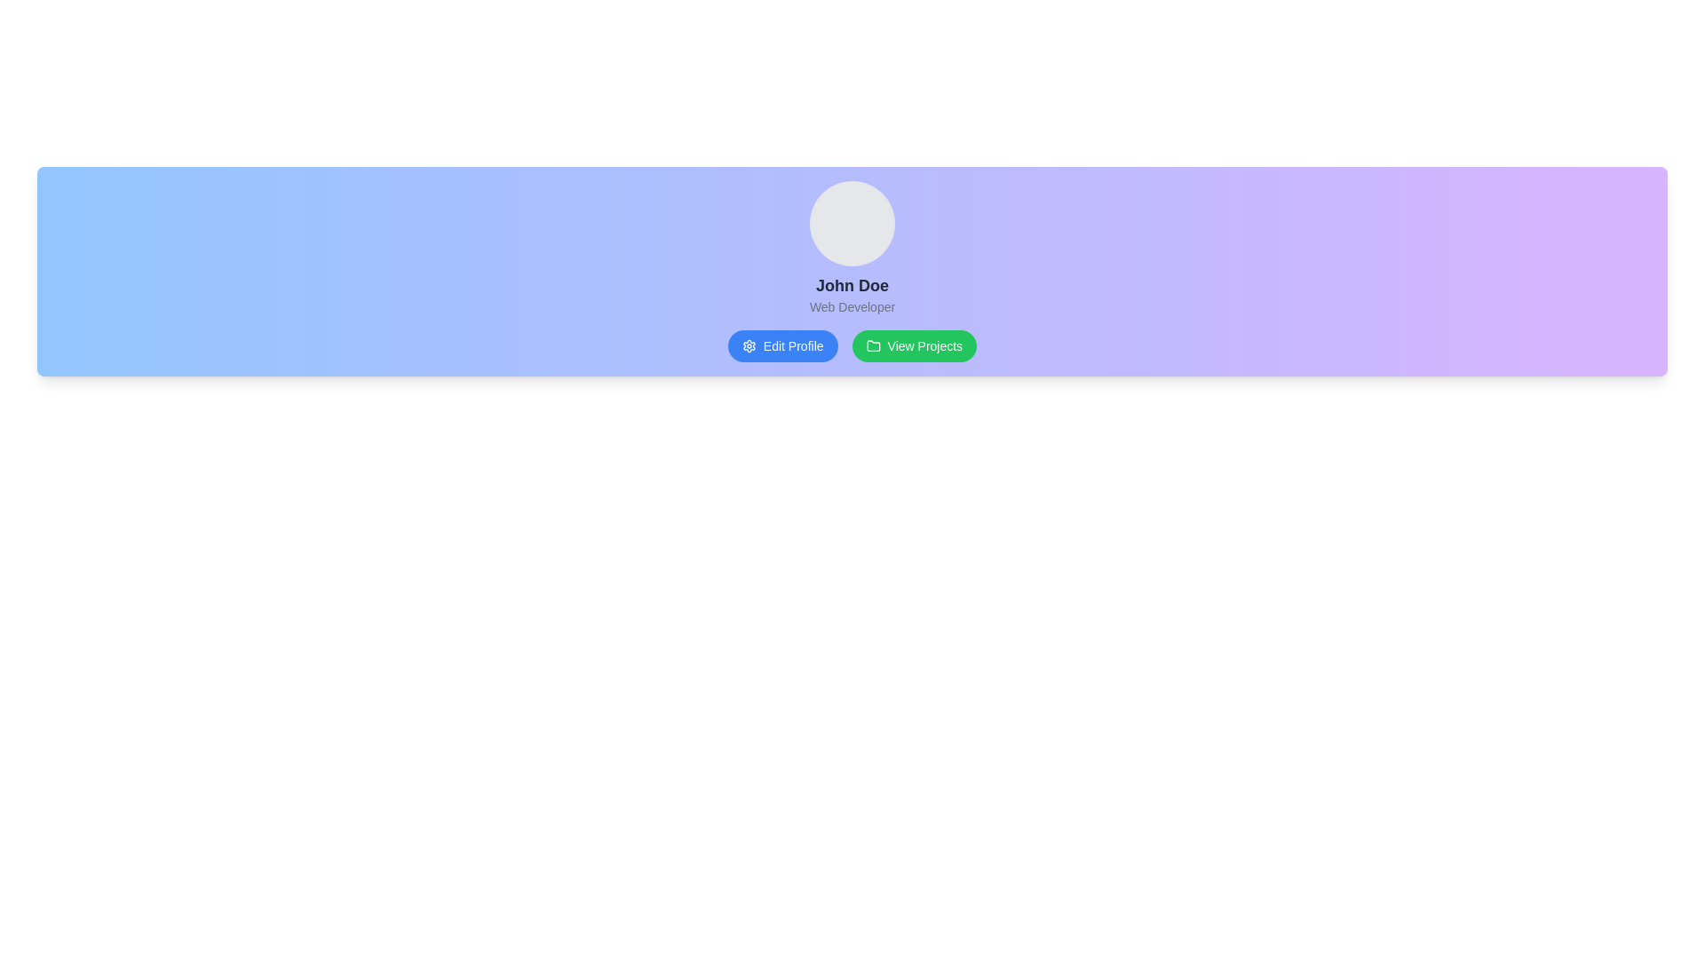 The image size is (1705, 959). Describe the element at coordinates (914, 345) in the screenshot. I see `the green button labeled 'View Projects' to observe its hover effect` at that location.